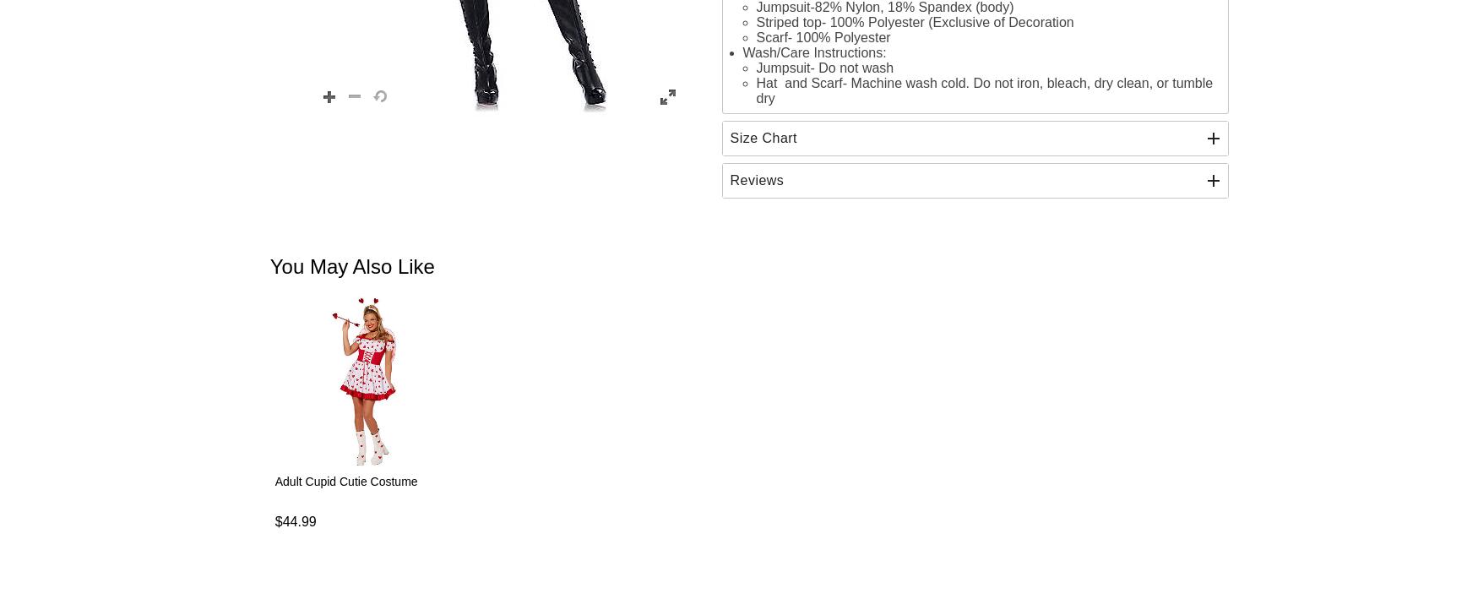 Image resolution: width=1478 pixels, height=610 pixels. What do you see at coordinates (350, 265) in the screenshot?
I see `'You May Also Like'` at bounding box center [350, 265].